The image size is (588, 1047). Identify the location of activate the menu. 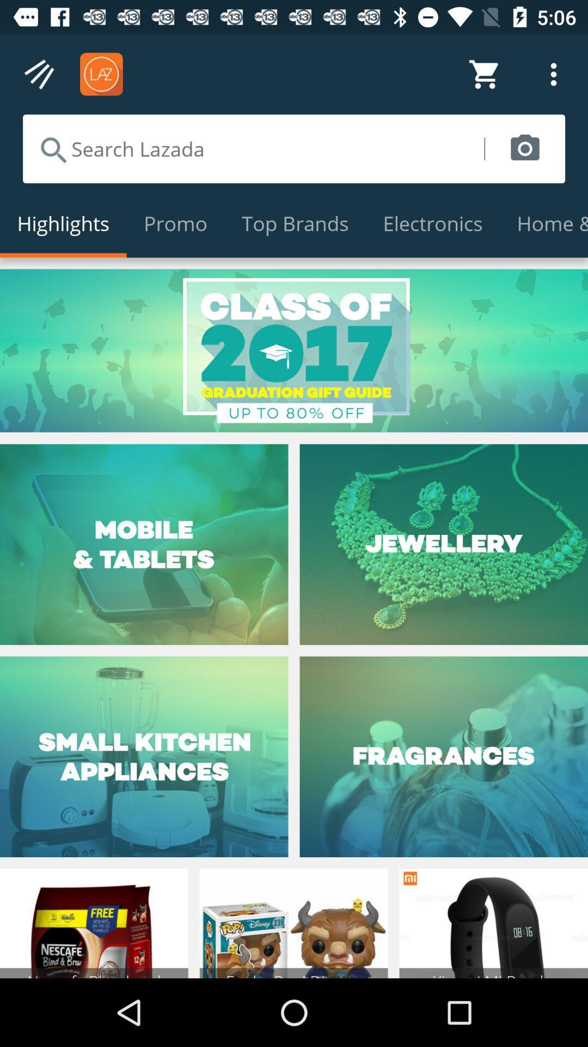
(39, 74).